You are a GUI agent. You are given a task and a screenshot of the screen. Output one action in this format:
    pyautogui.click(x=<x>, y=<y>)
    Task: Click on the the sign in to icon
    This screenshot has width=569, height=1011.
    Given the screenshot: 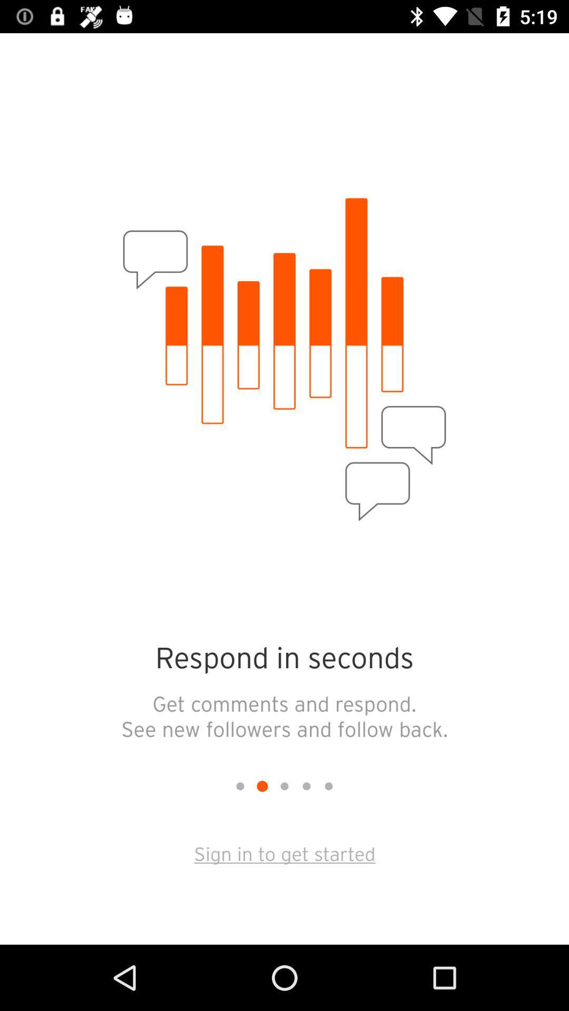 What is the action you would take?
    pyautogui.click(x=284, y=853)
    